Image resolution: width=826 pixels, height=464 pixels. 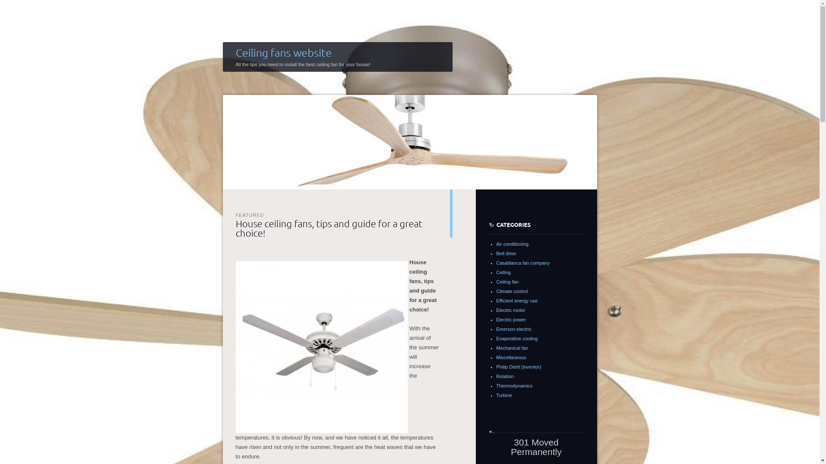 I want to click on 'Efficient energy use', so click(x=516, y=300).